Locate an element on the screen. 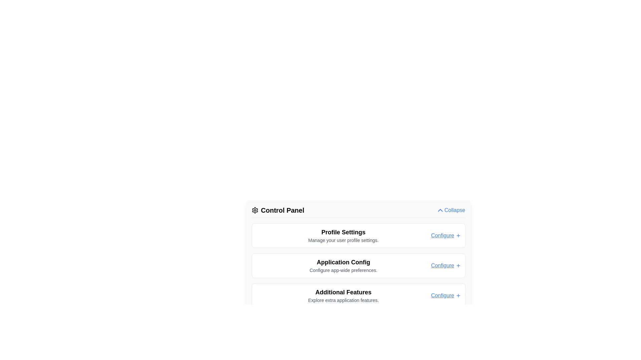  the collapse icon located to the immediate left of the text label 'Collapse' at the top-right corner of the control panel section is located at coordinates (440, 210).